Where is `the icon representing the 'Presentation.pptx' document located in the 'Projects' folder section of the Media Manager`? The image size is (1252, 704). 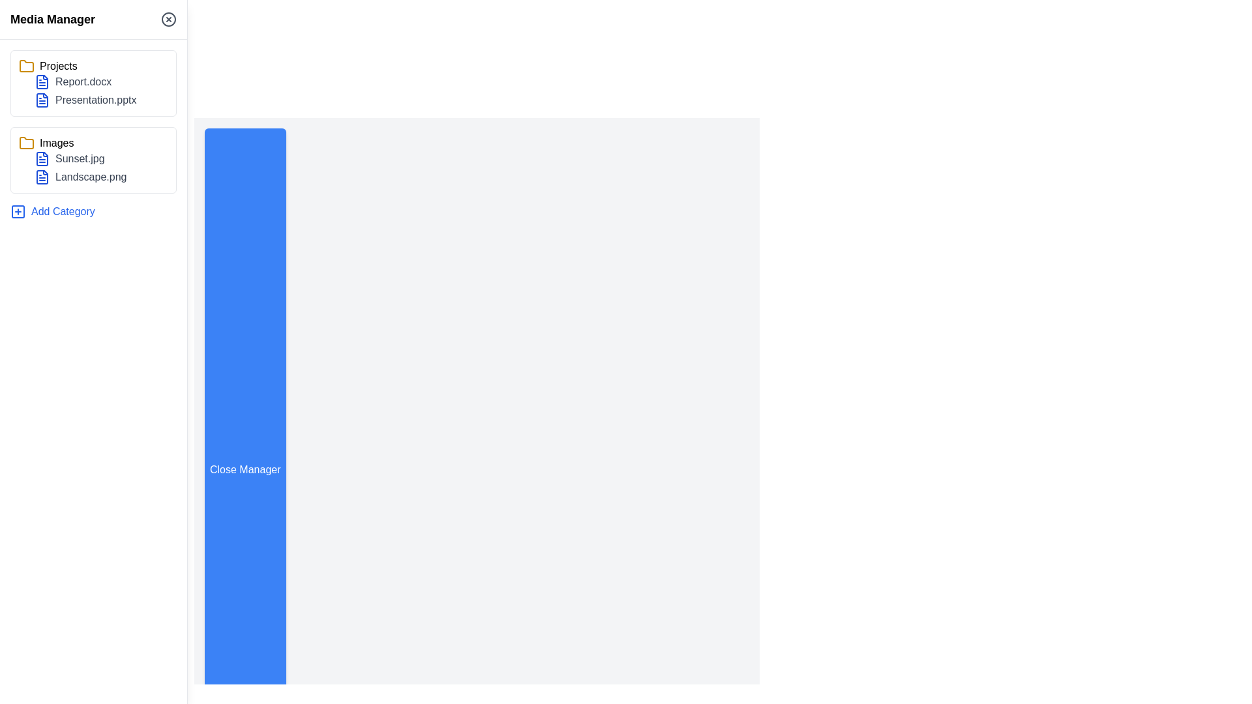
the icon representing the 'Presentation.pptx' document located in the 'Projects' folder section of the Media Manager is located at coordinates (42, 100).